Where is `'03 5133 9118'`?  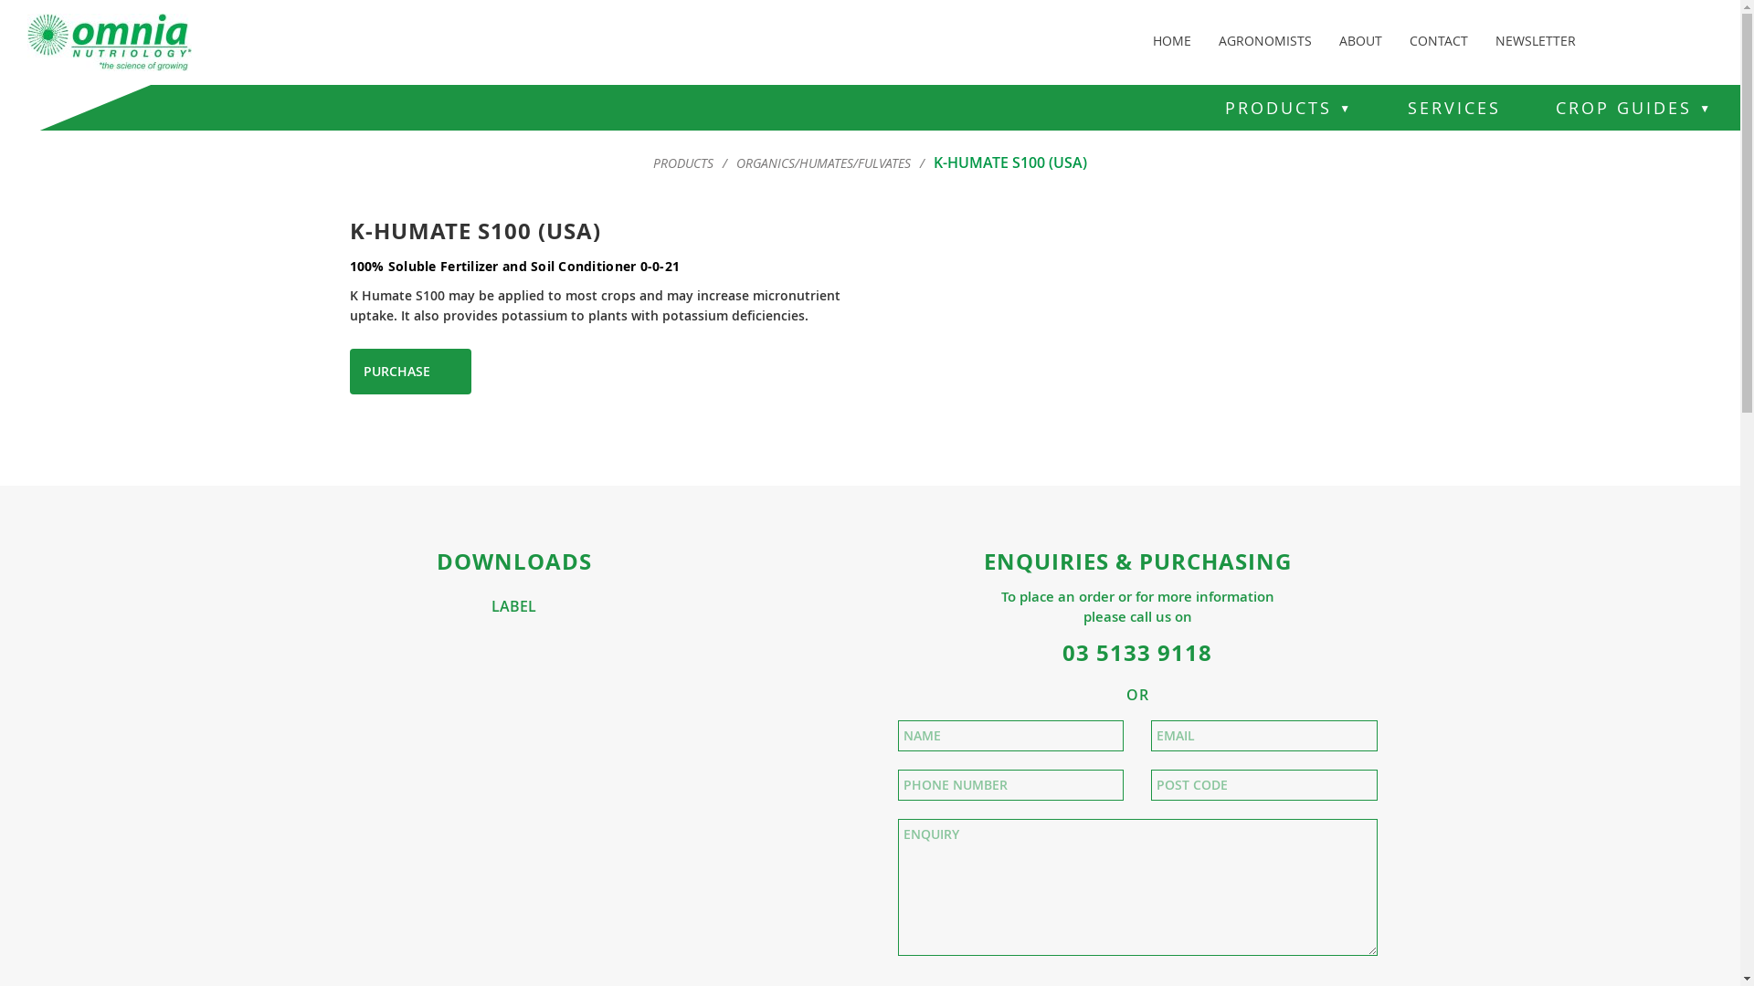 '03 5133 9118' is located at coordinates (1062, 651).